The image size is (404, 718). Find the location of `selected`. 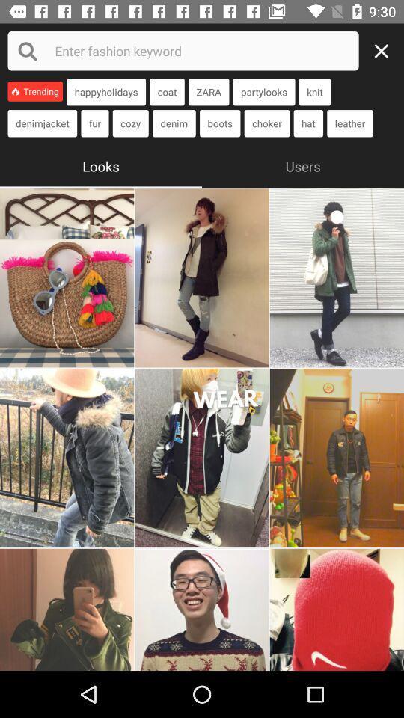

selected is located at coordinates (202, 457).